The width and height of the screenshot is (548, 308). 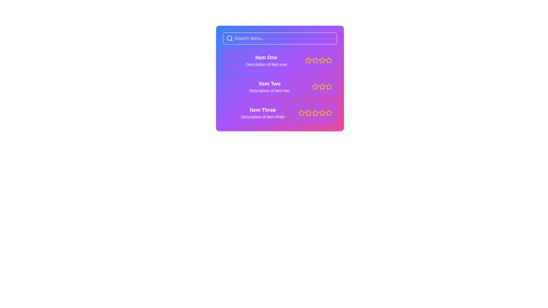 What do you see at coordinates (266, 64) in the screenshot?
I see `secondary information text located directly beneath 'Item One', which provides additional context for the item` at bounding box center [266, 64].